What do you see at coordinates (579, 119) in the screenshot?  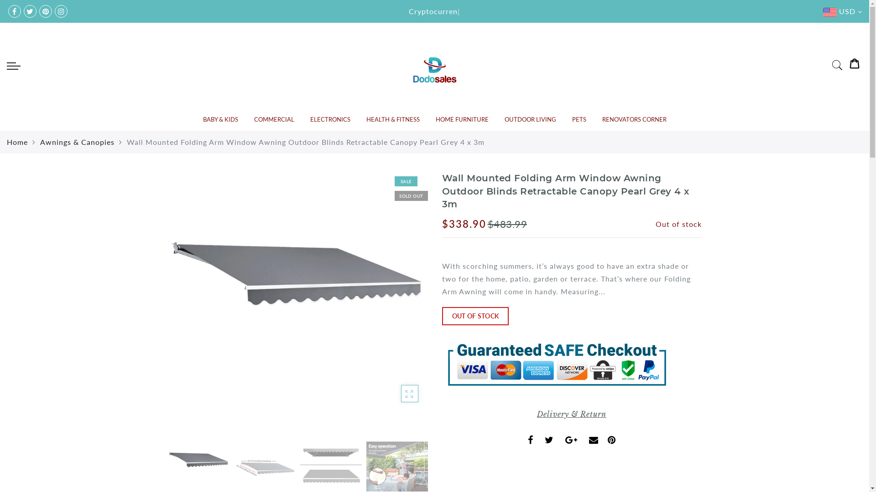 I see `'PETS'` at bounding box center [579, 119].